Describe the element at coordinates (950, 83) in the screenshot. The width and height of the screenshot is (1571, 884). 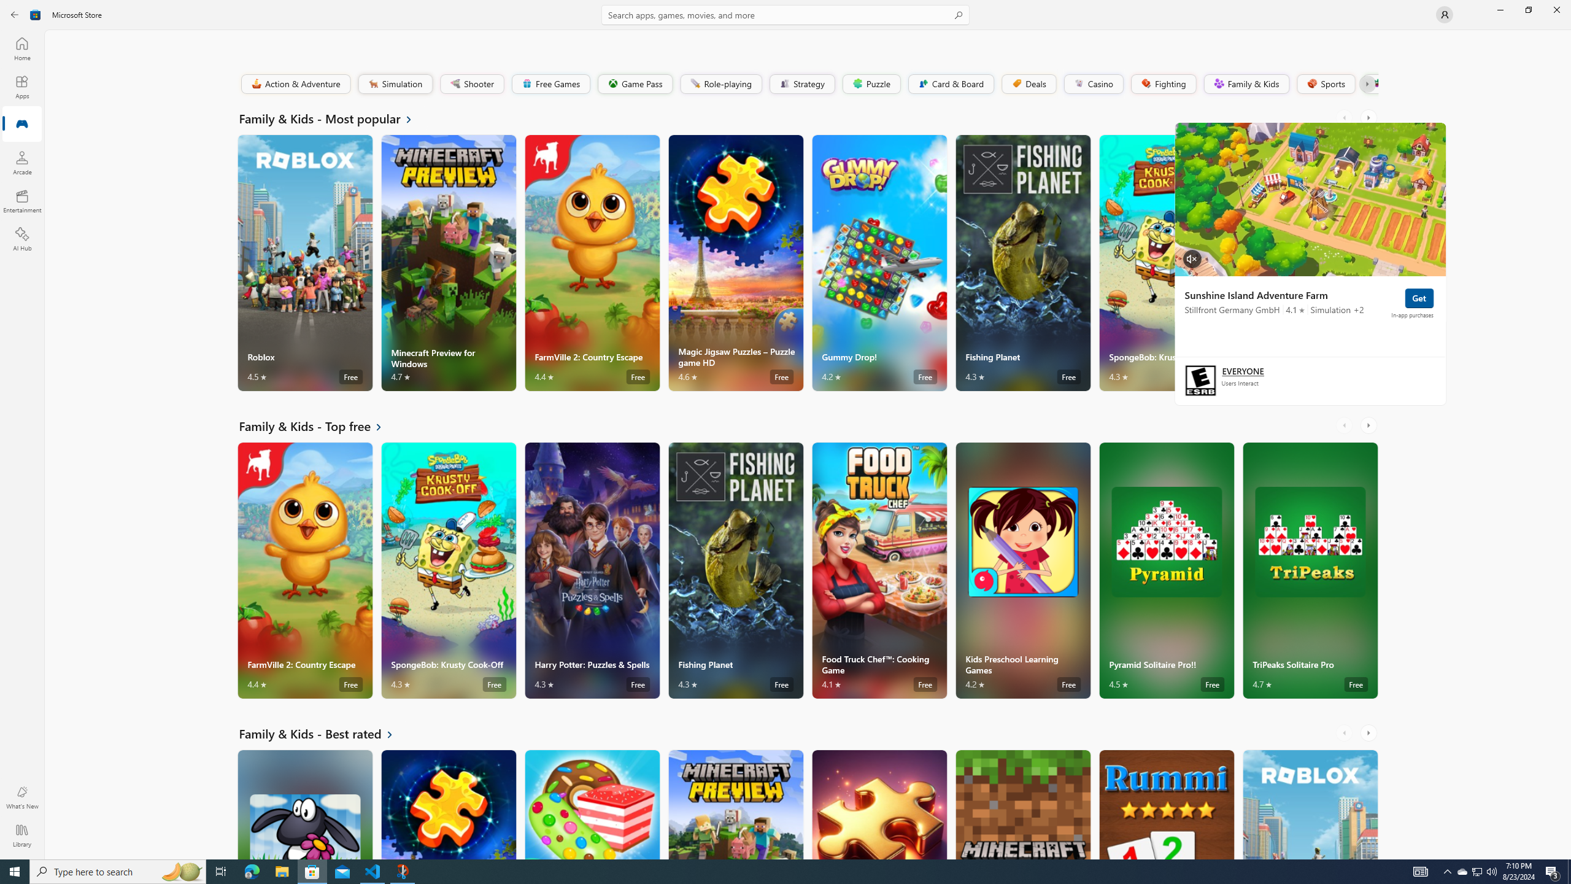
I see `'Card & Board'` at that location.